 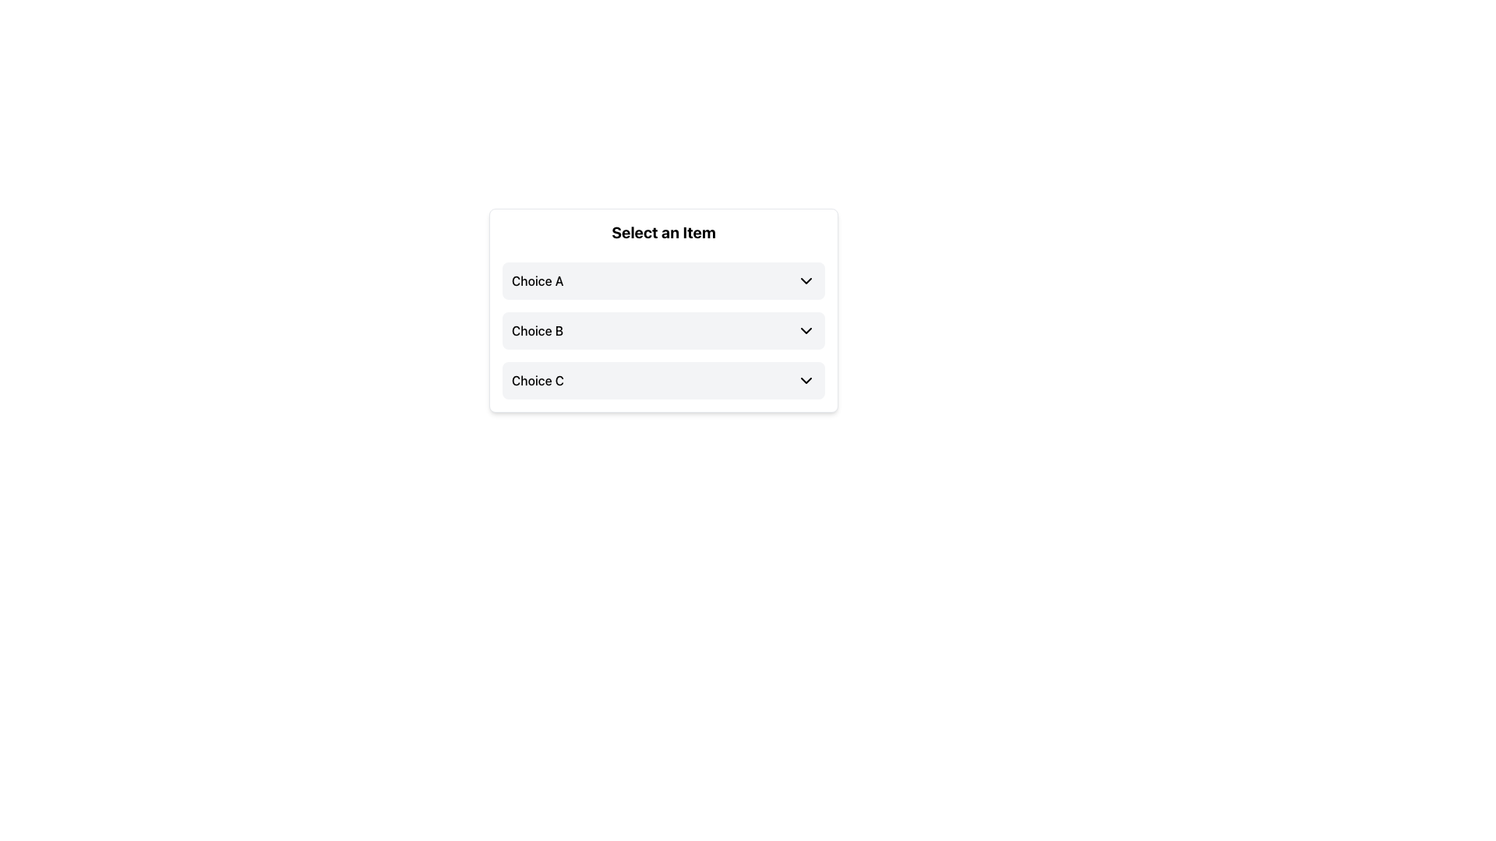 What do you see at coordinates (806, 281) in the screenshot?
I see `the dropdown trigger button located at the far-right side of the 'Choice A' row` at bounding box center [806, 281].